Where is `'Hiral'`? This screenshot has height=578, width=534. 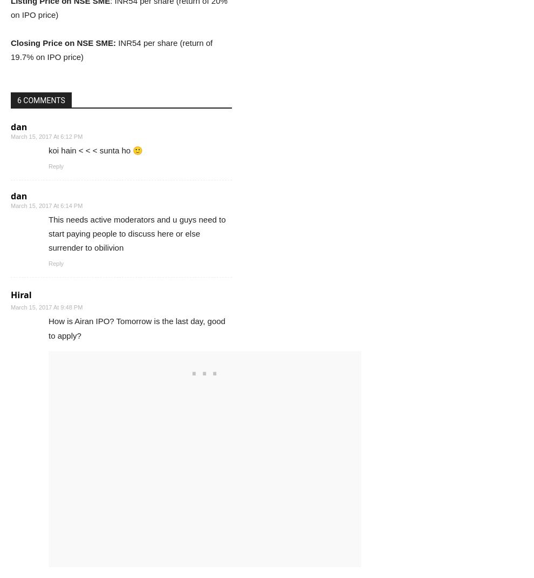
'Hiral' is located at coordinates (10, 294).